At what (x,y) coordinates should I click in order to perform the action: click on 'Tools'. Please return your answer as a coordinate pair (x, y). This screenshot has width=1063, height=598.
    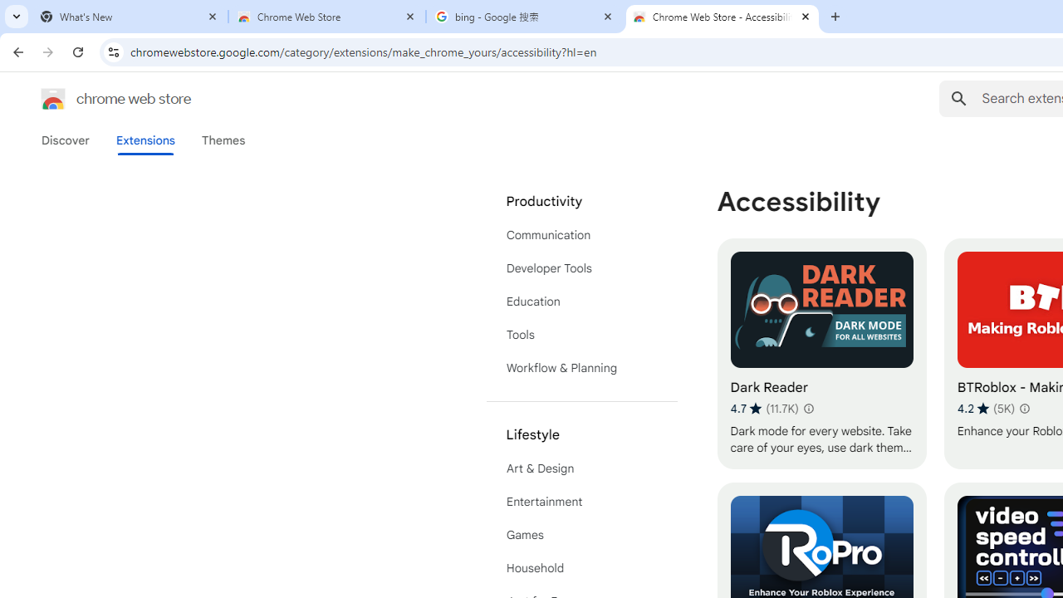
    Looking at the image, I should click on (581, 335).